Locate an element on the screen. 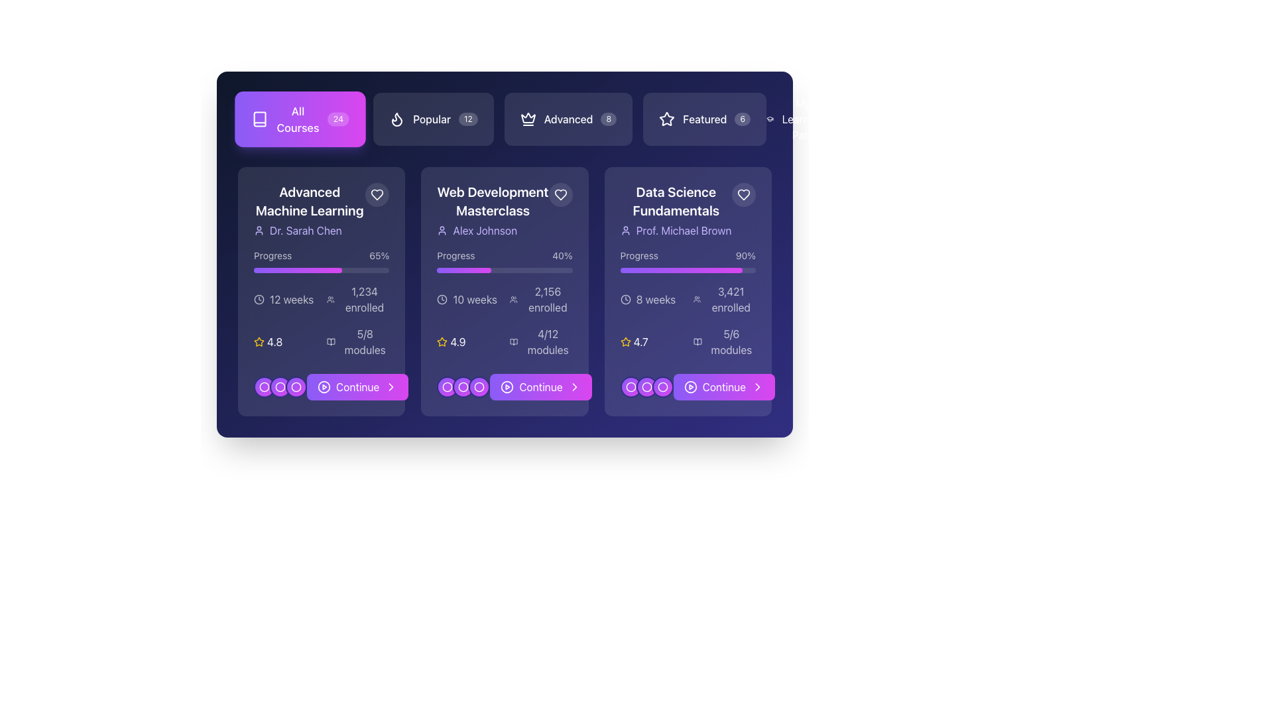 The height and width of the screenshot is (716, 1273). the chevron arrow icon located within the 'Continue' button of the 'Web Development Masterclass' panel to indicate a forward navigation action is located at coordinates (391, 387).